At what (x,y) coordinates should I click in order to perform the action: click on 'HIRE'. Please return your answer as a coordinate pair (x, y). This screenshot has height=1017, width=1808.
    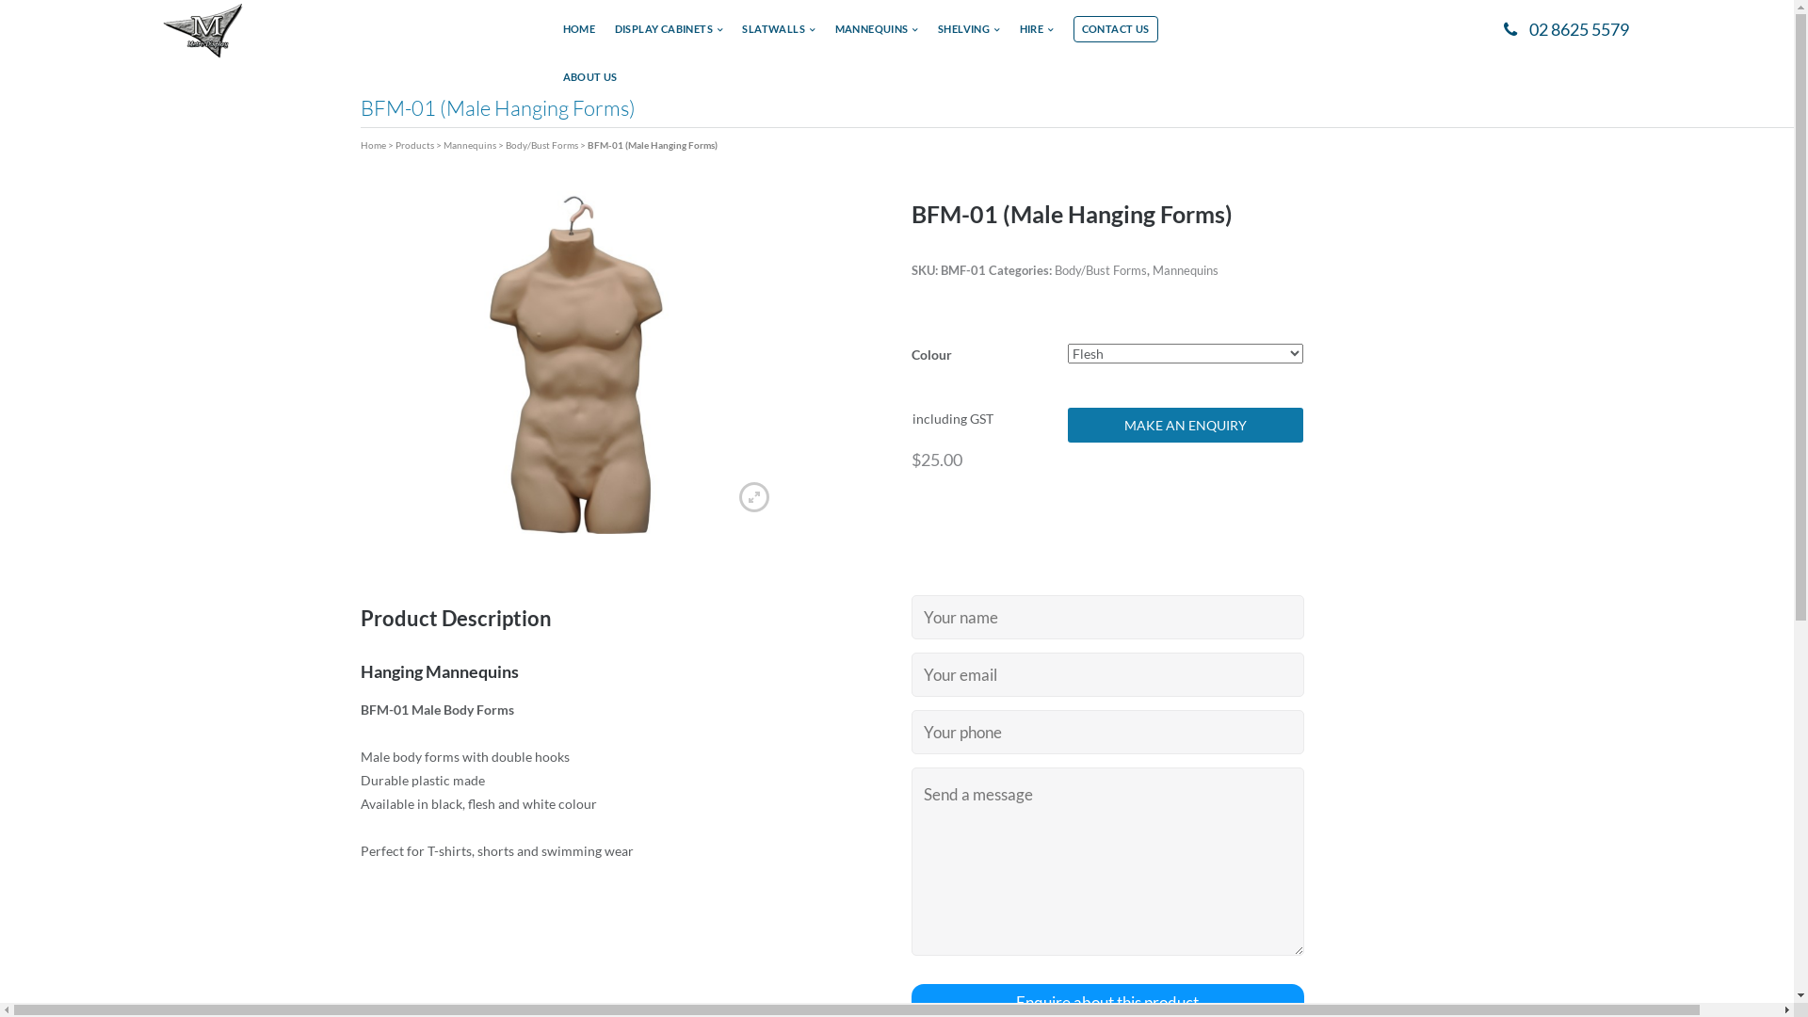
    Looking at the image, I should click on (1036, 35).